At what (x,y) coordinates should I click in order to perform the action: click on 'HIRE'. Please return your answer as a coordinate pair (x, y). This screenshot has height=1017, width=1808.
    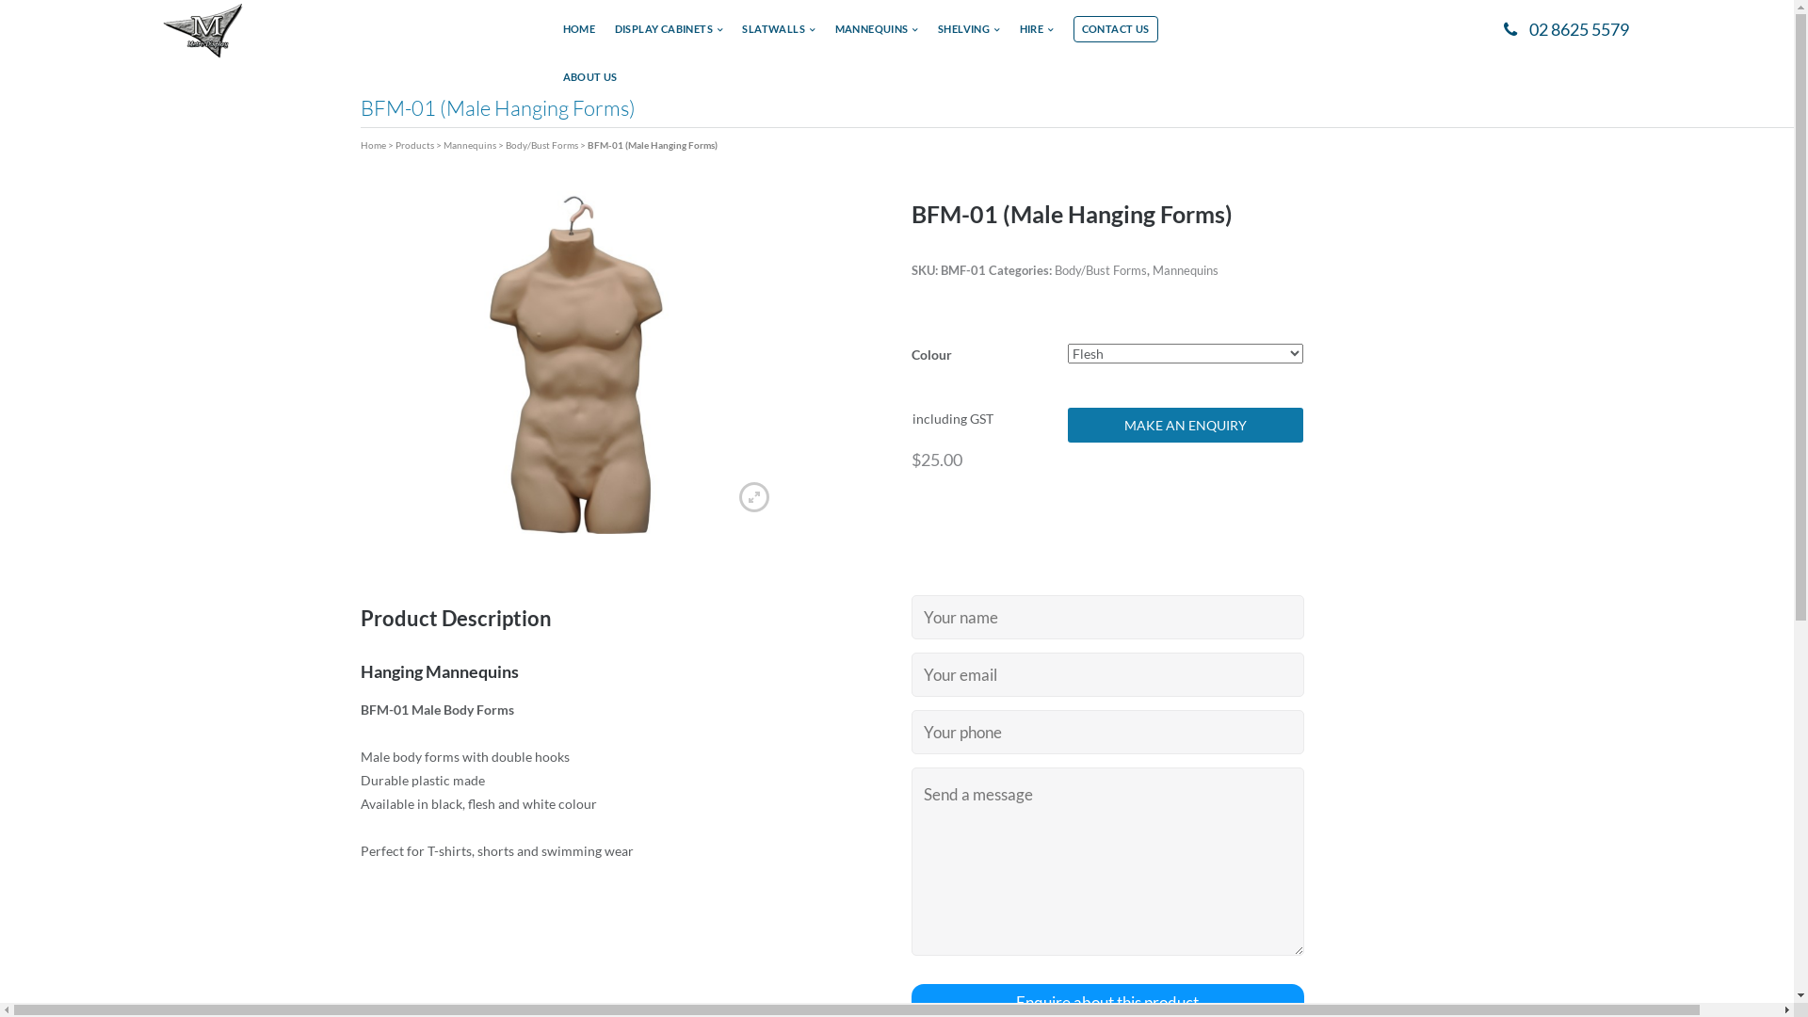
    Looking at the image, I should click on (1036, 35).